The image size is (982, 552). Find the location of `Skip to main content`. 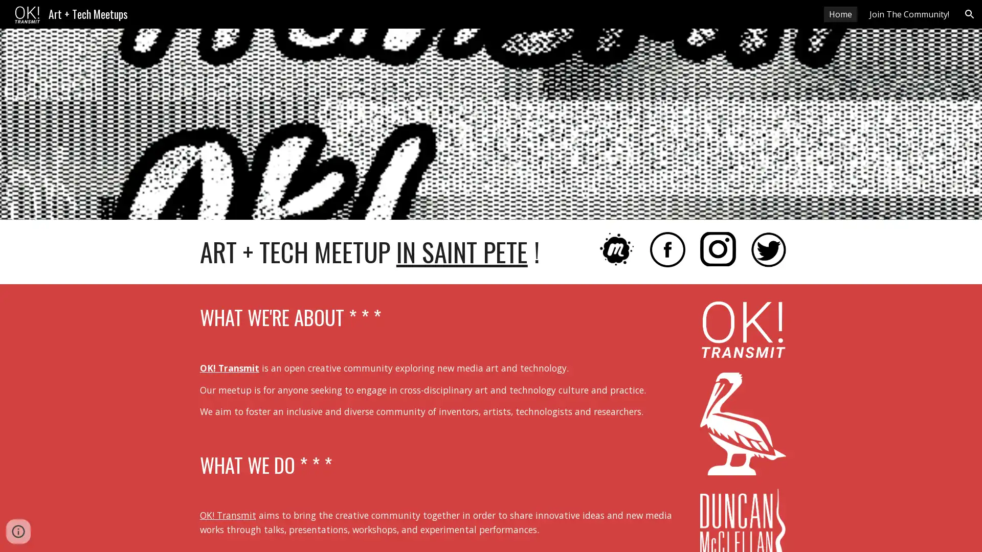

Skip to main content is located at coordinates (403, 19).